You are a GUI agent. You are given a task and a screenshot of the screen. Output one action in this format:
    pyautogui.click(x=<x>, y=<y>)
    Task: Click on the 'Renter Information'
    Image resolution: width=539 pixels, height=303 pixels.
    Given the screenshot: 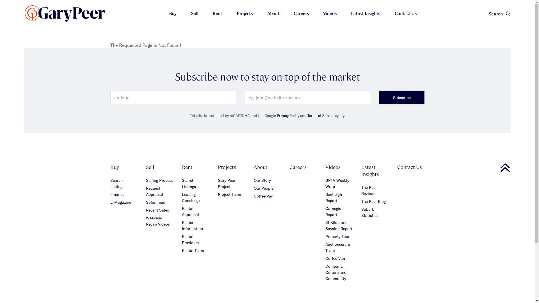 What is the action you would take?
    pyautogui.click(x=192, y=225)
    